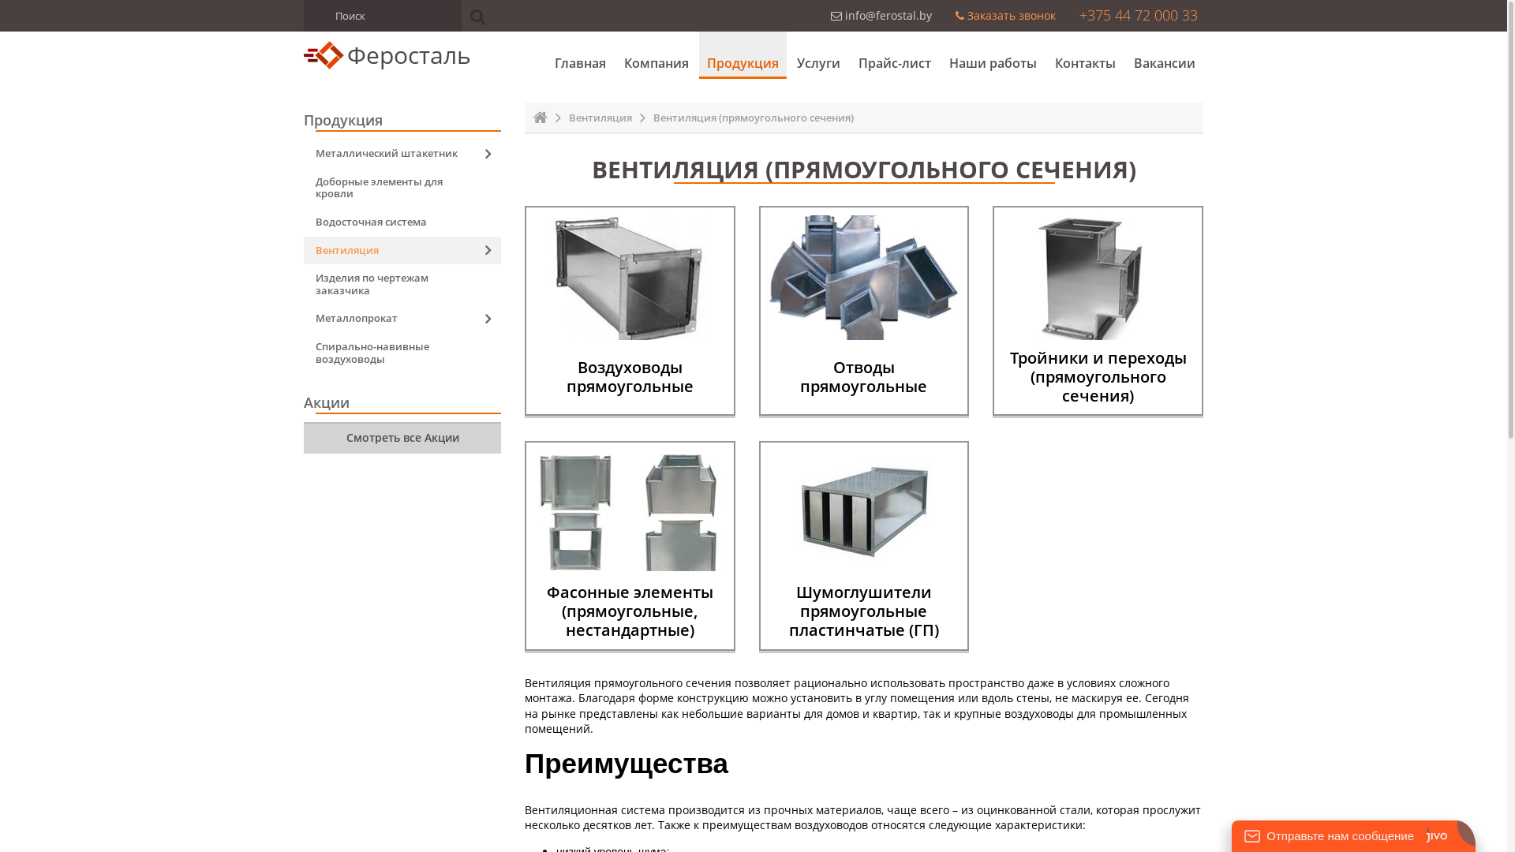 This screenshot has width=1515, height=852. What do you see at coordinates (881, 15) in the screenshot?
I see `'info@ferostal.by'` at bounding box center [881, 15].